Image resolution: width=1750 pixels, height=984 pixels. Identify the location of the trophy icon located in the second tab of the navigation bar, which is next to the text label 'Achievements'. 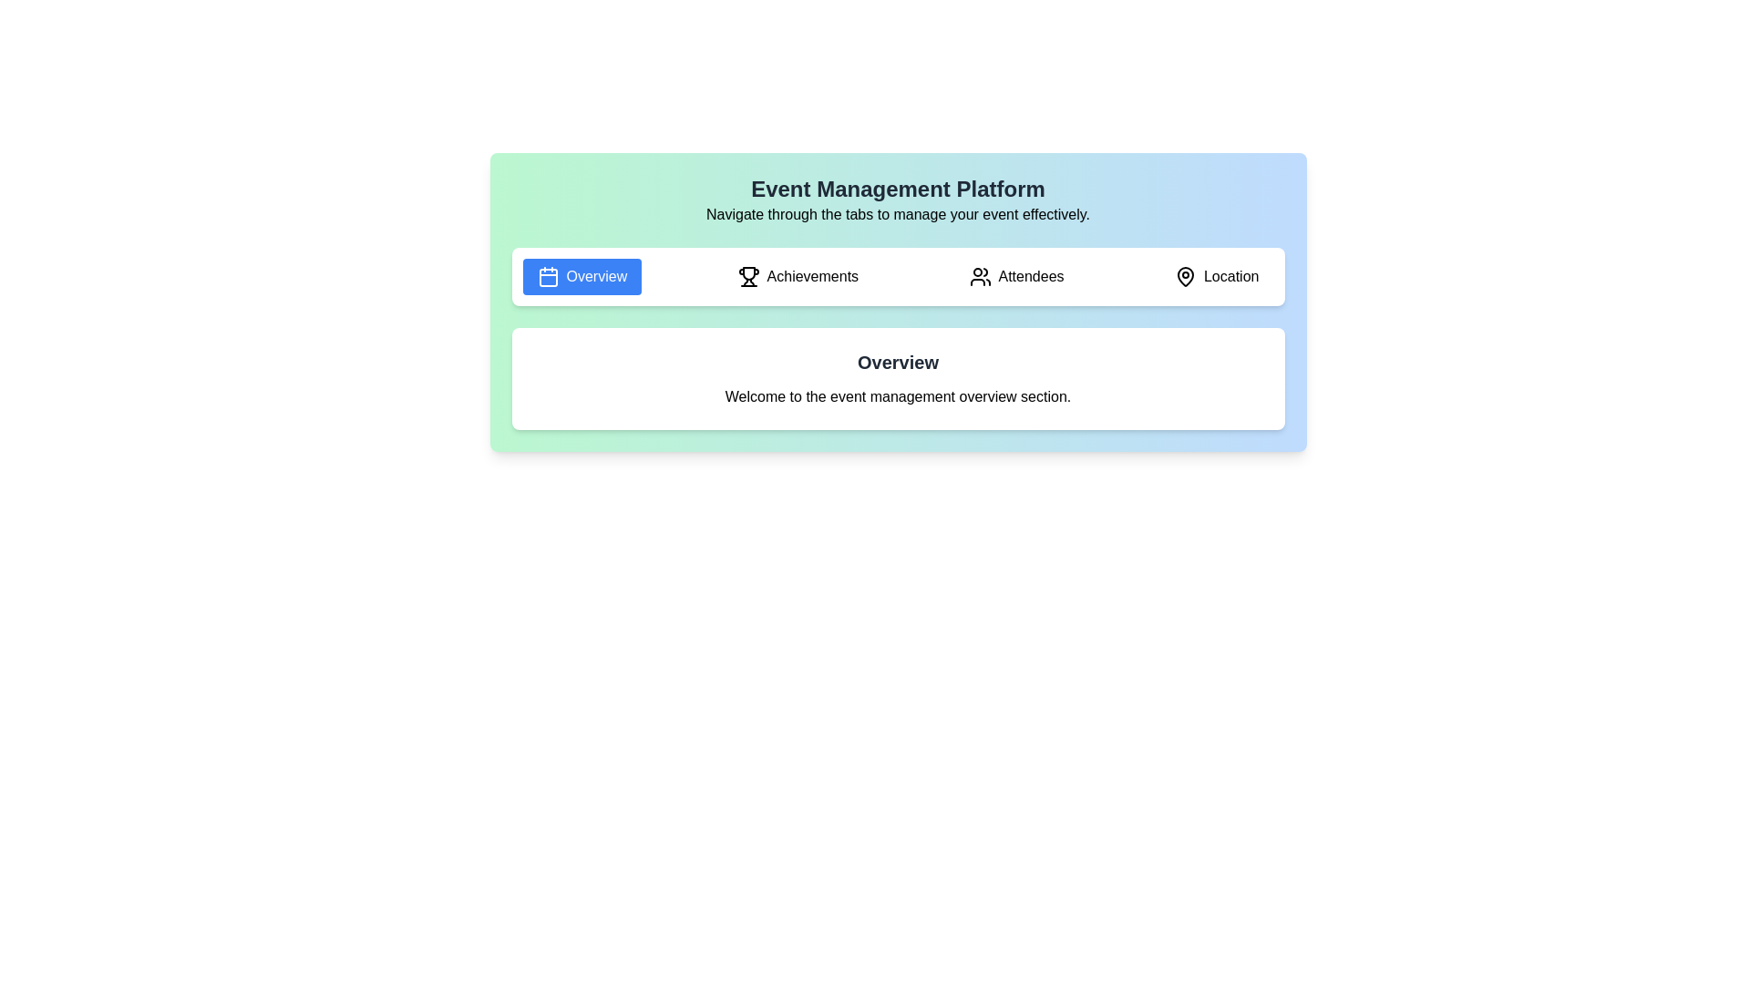
(748, 277).